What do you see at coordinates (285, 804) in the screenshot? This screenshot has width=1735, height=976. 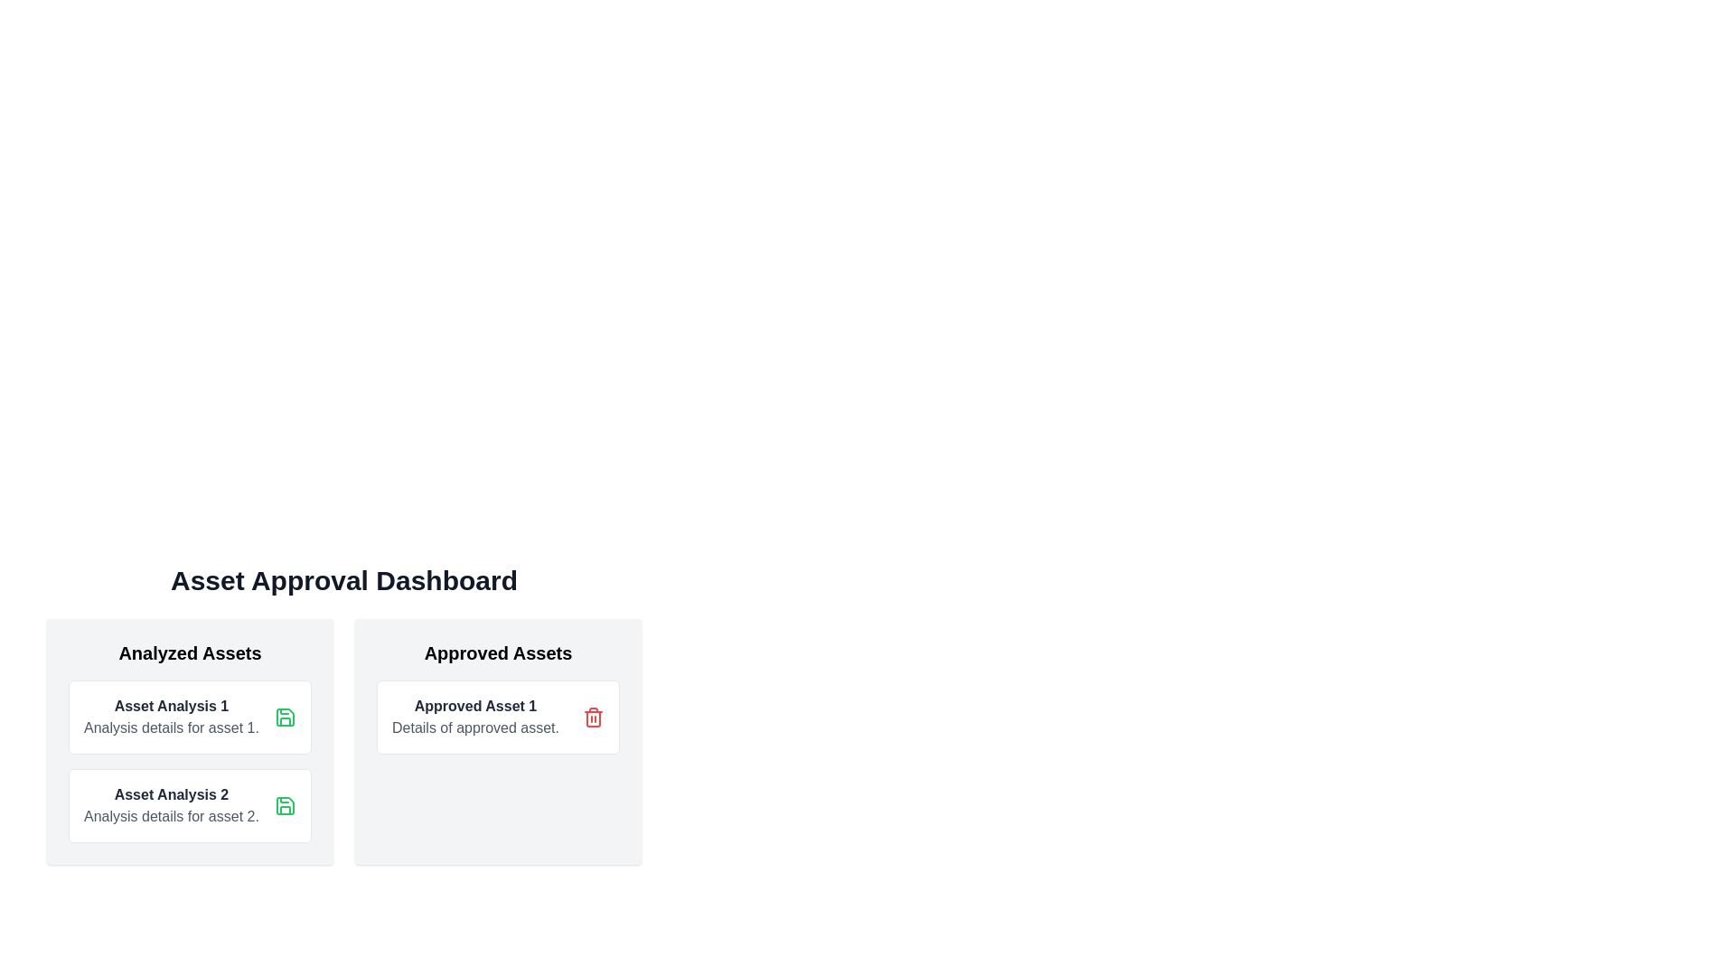 I see `the distinctive green save icon button located in the 'Asset Analysis 2' section` at bounding box center [285, 804].